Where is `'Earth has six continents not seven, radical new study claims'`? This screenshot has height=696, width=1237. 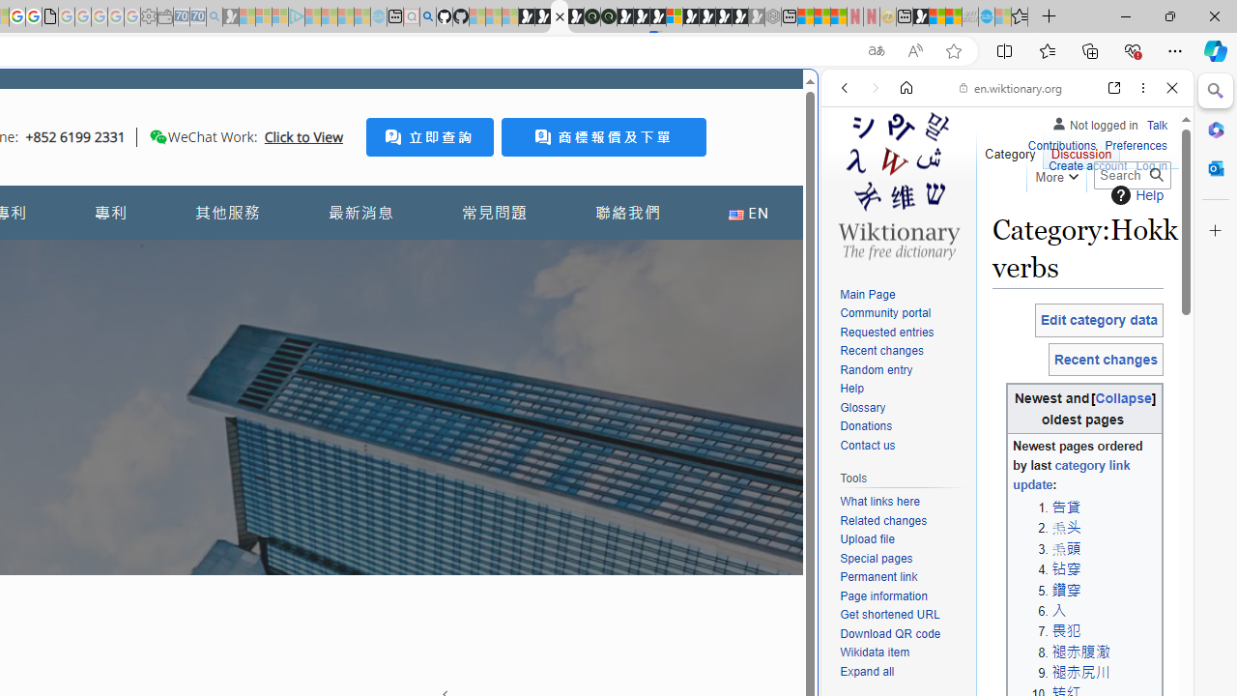 'Earth has six continents not seven, radical new study claims' is located at coordinates (953, 16).